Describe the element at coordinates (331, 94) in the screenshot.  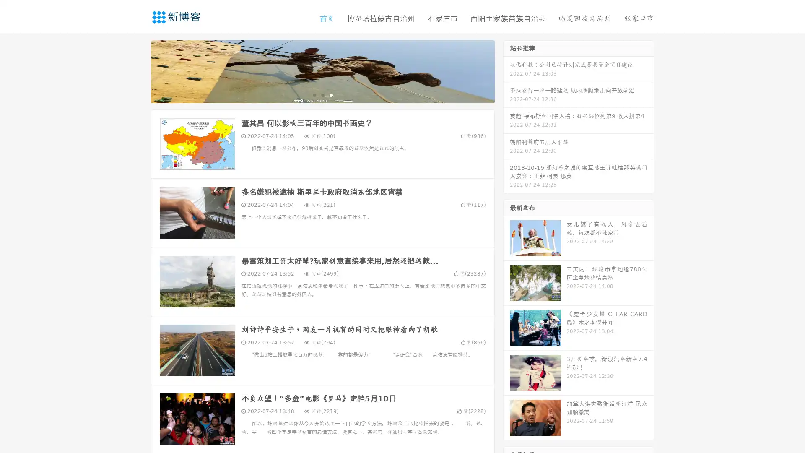
I see `Go to slide 3` at that location.